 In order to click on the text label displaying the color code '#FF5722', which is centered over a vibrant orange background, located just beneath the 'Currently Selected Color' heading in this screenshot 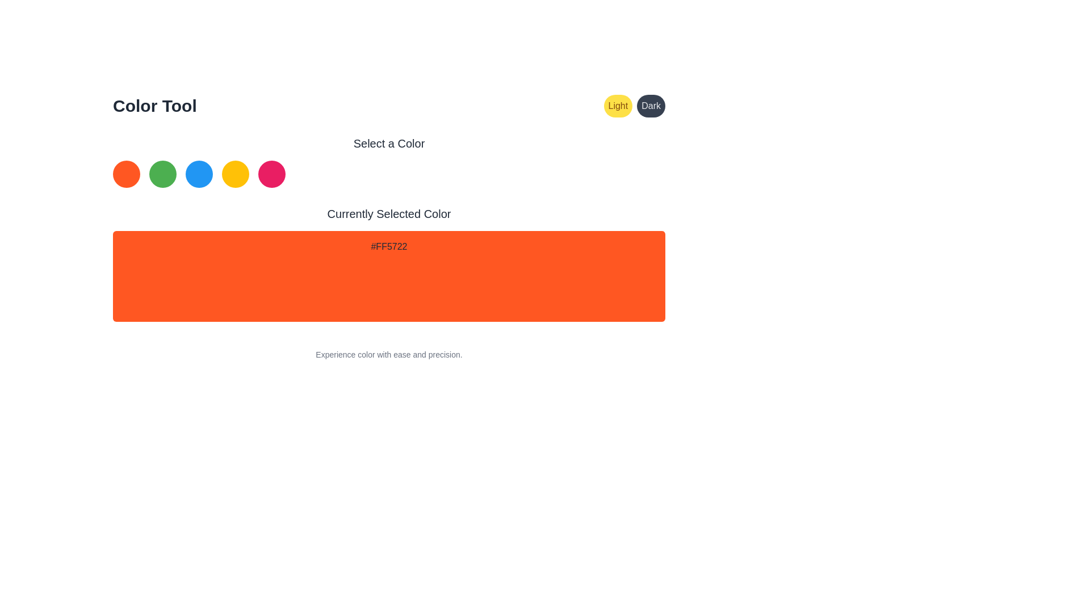, I will do `click(389, 246)`.